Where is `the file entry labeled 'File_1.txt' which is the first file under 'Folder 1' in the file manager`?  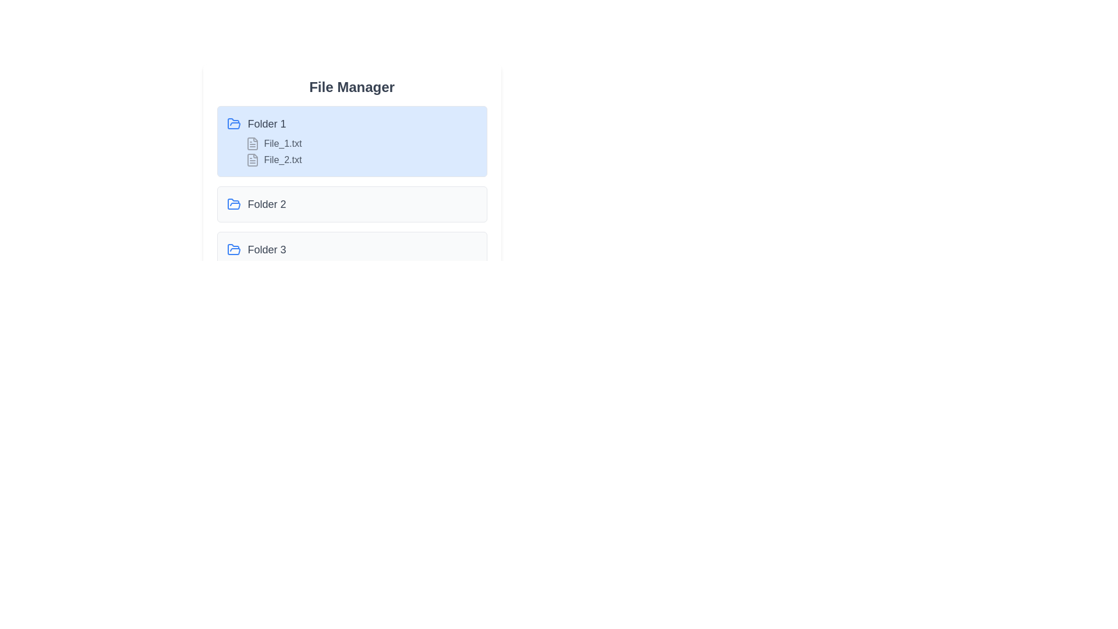 the file entry labeled 'File_1.txt' which is the first file under 'Folder 1' in the file manager is located at coordinates (360, 143).